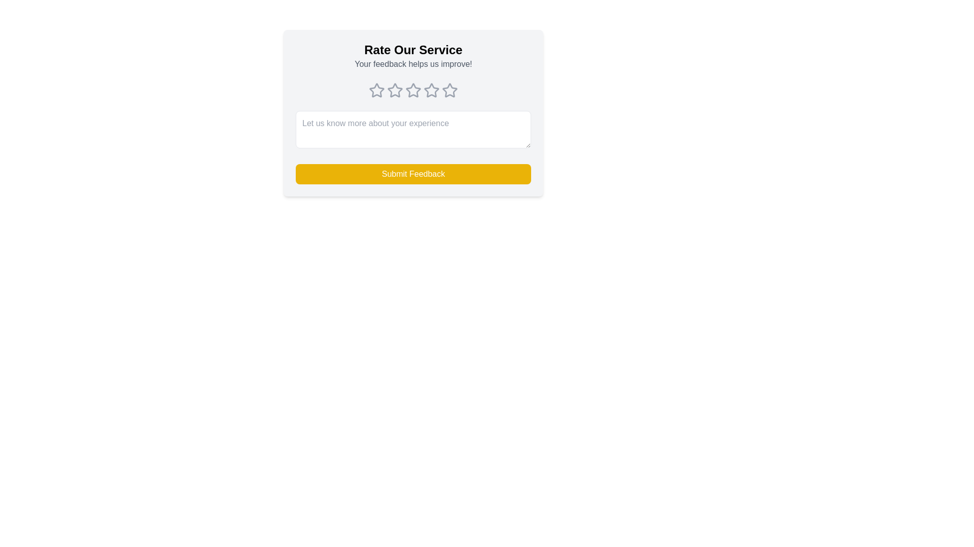 The width and height of the screenshot is (974, 547). What do you see at coordinates (394, 90) in the screenshot?
I see `the third rating star located below the 'Rate Our Service' heading for interaction feedback` at bounding box center [394, 90].